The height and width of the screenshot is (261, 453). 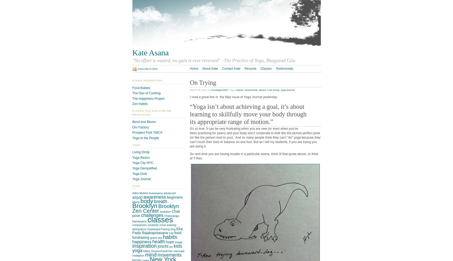 I want to click on 'breath', so click(x=160, y=201).